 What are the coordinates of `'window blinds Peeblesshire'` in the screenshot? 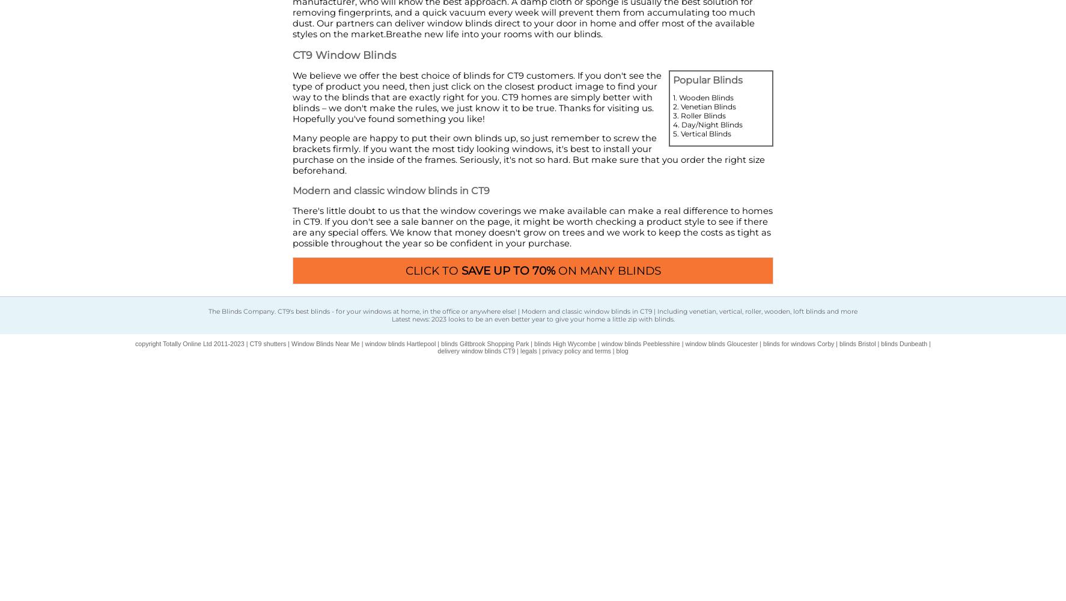 It's located at (639, 343).